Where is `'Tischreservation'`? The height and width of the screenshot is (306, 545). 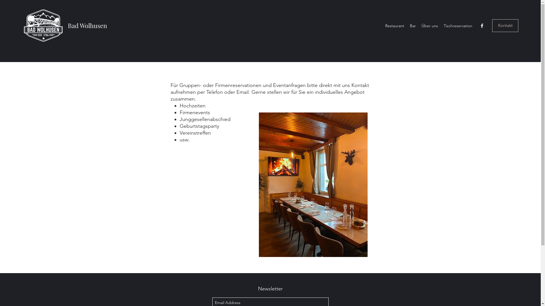 'Tischreservation' is located at coordinates (458, 26).